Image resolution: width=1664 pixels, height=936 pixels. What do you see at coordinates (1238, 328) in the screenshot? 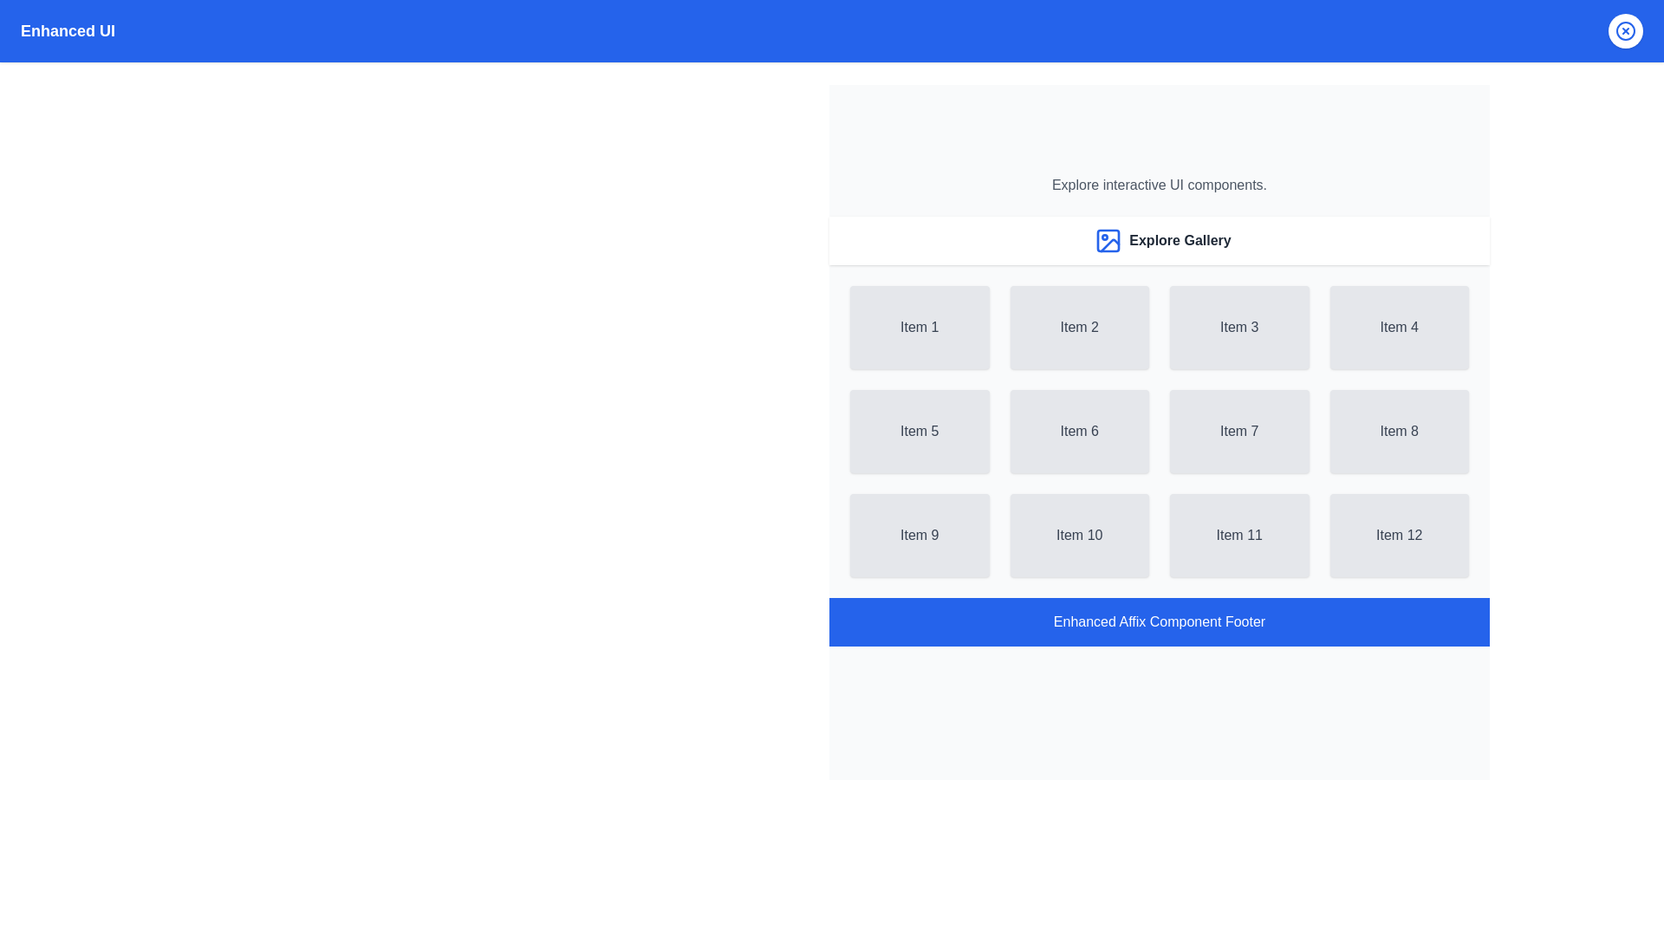
I see `the static label 'Item 3' located in the first row and third column of the grid layout` at bounding box center [1238, 328].